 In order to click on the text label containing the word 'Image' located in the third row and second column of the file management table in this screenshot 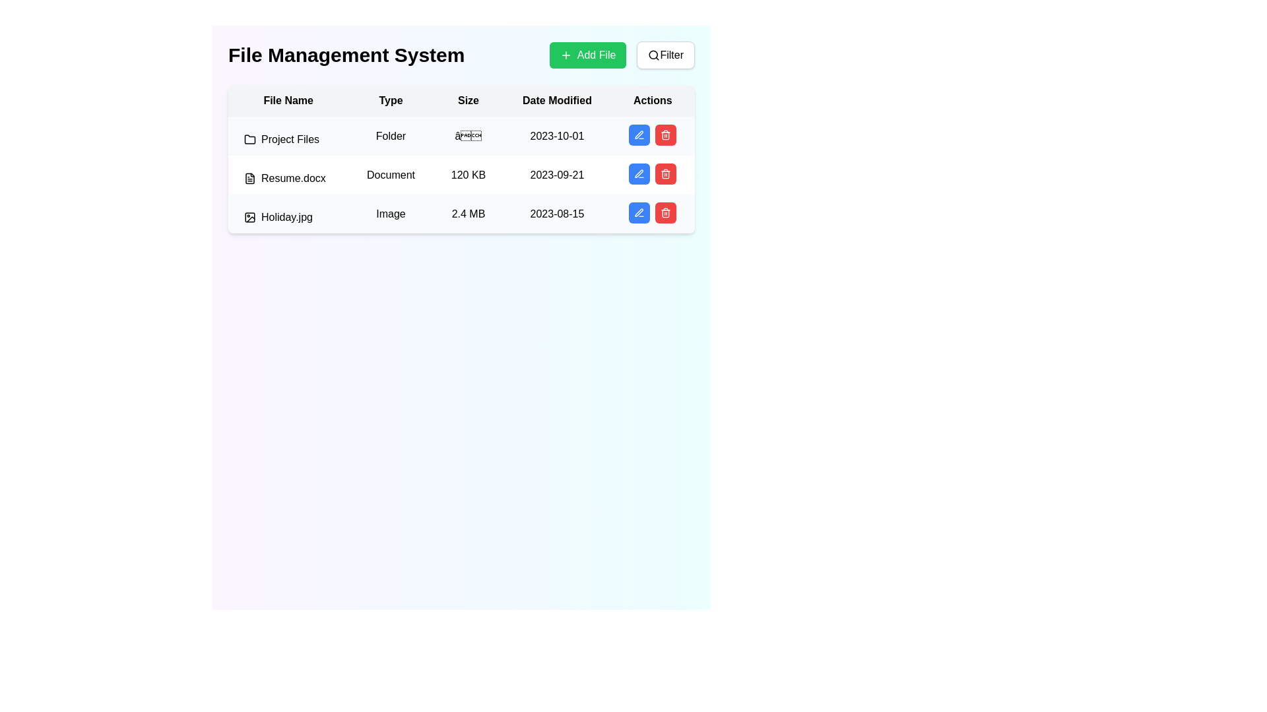, I will do `click(390, 213)`.